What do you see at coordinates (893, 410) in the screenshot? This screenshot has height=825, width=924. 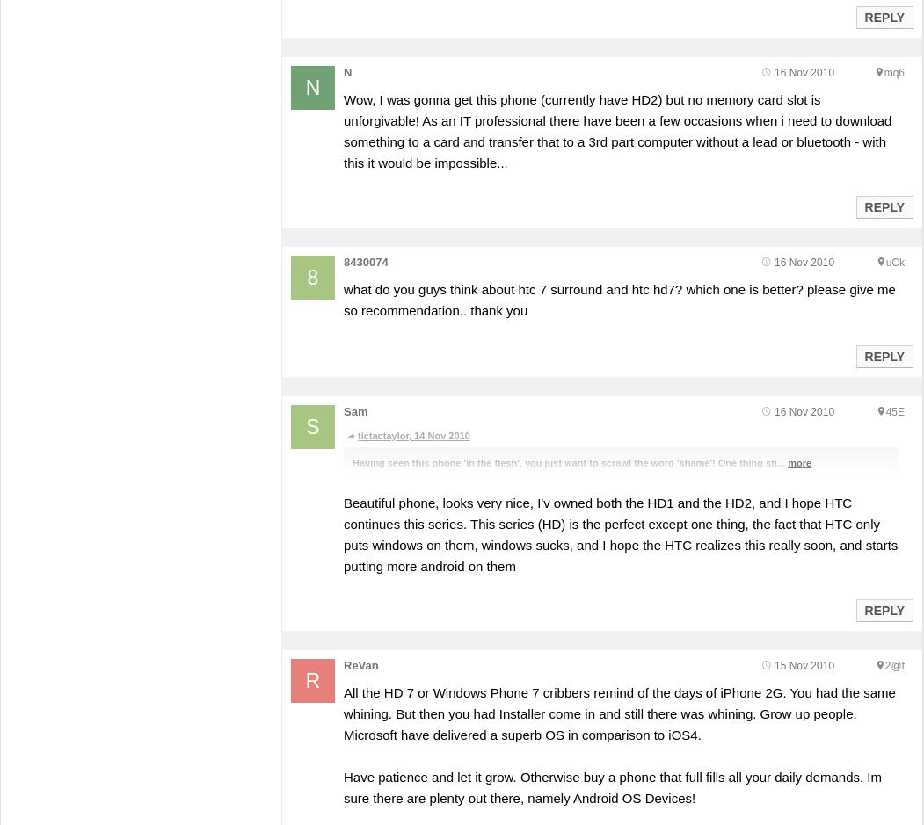 I see `'45E'` at bounding box center [893, 410].